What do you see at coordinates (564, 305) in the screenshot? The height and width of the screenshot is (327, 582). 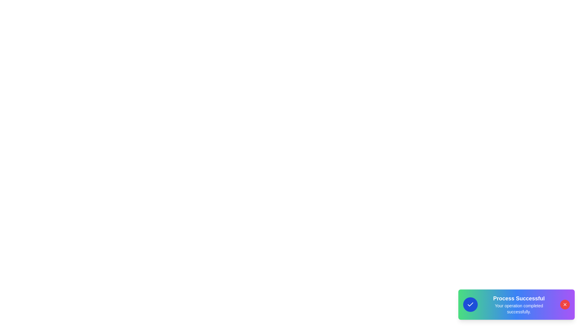 I see `the close button to hide the snackbar` at bounding box center [564, 305].